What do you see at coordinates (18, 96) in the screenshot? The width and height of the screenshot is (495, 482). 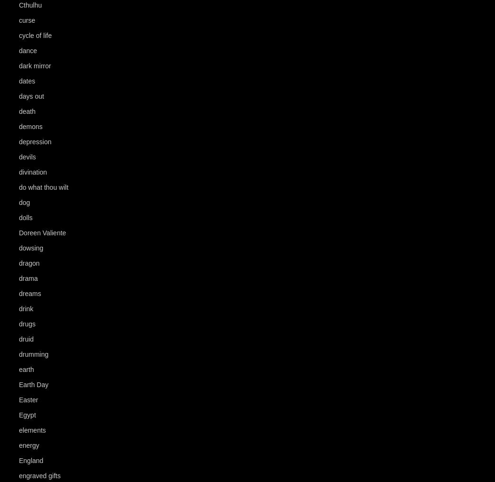 I see `'days out'` at bounding box center [18, 96].